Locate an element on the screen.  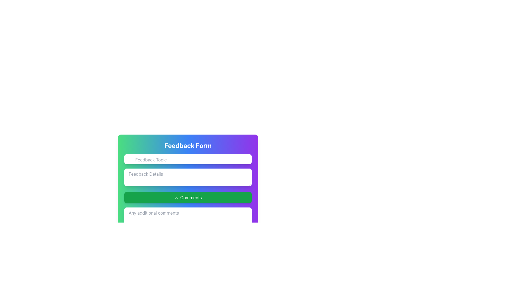
the minimalist upward arrow icon located within the 'Comments' button is located at coordinates (176, 198).